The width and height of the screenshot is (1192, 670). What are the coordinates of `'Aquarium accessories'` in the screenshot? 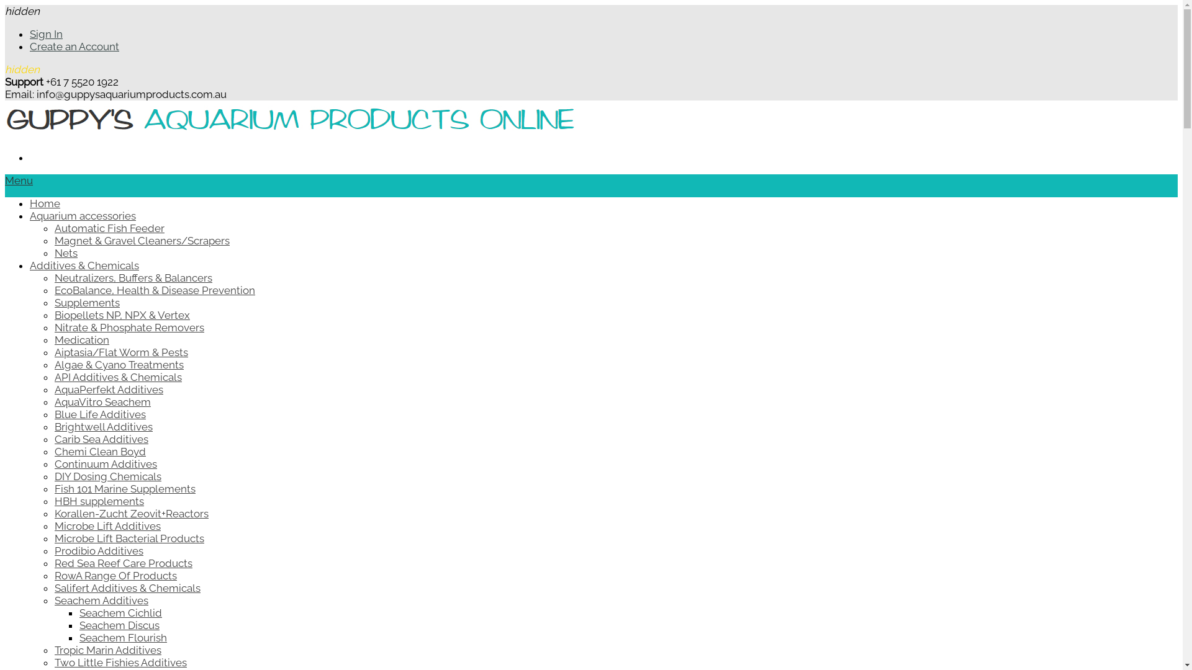 It's located at (30, 215).